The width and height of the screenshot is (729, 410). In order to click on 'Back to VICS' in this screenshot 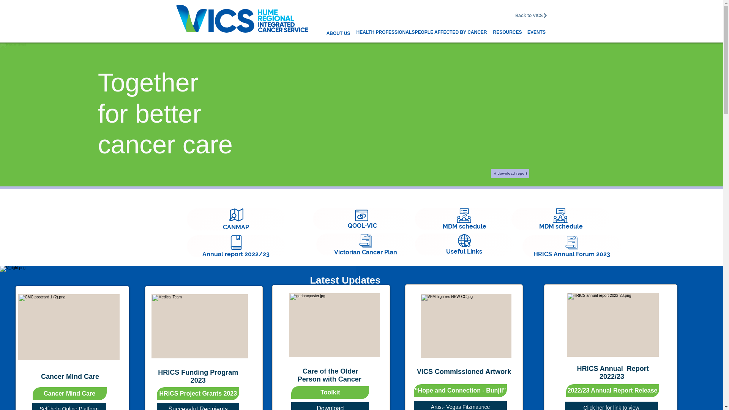, I will do `click(531, 16)`.